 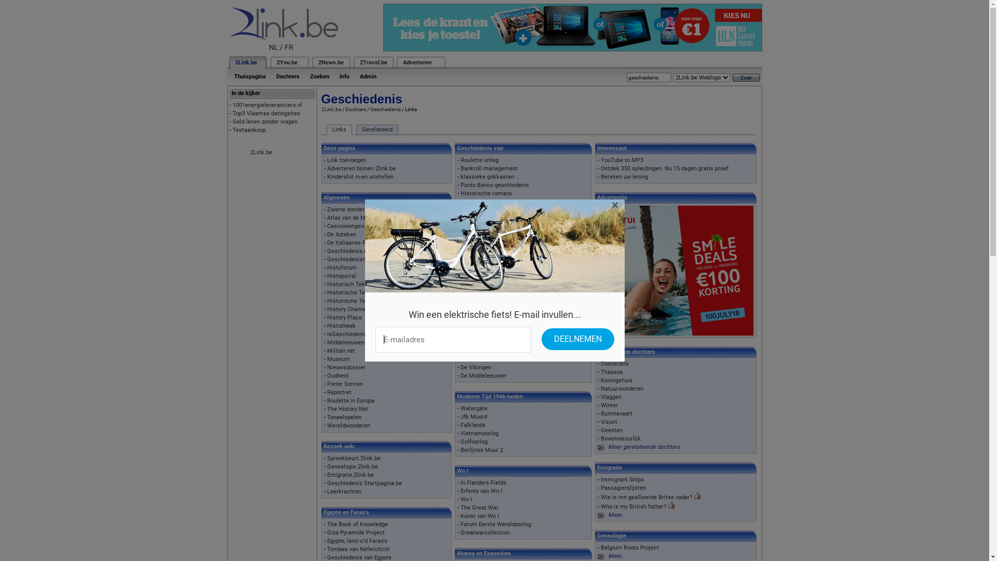 What do you see at coordinates (326, 292) in the screenshot?
I see `'Historische Teksten 1500-heden'` at bounding box center [326, 292].